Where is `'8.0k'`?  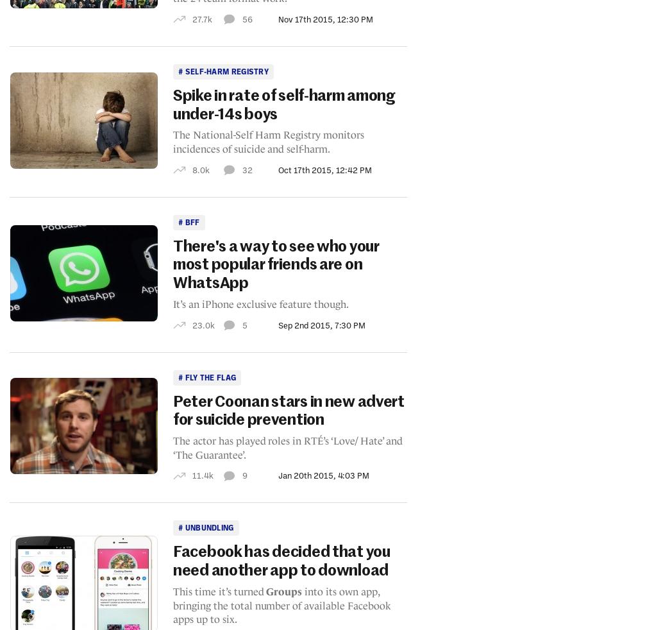 '8.0k' is located at coordinates (191, 169).